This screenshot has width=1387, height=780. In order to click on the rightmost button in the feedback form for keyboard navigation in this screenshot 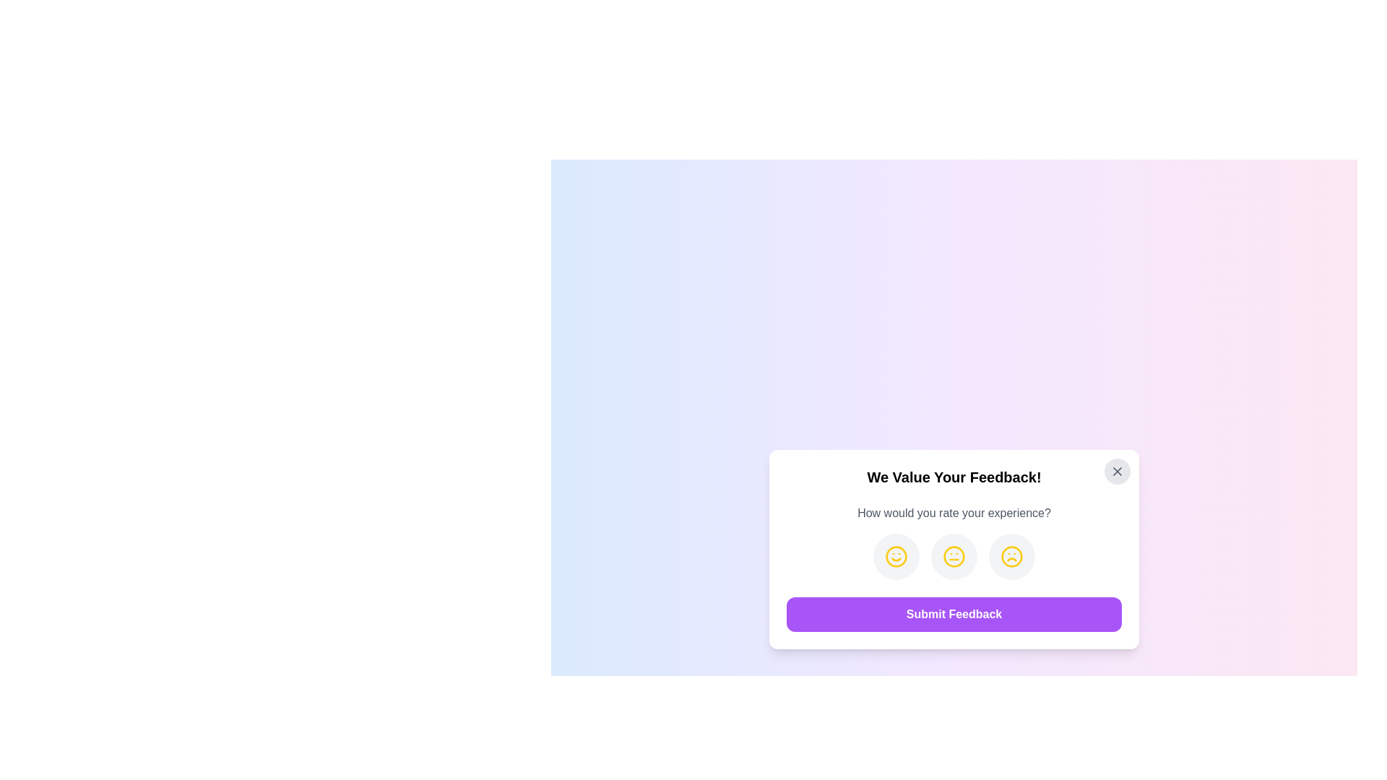, I will do `click(1011, 556)`.